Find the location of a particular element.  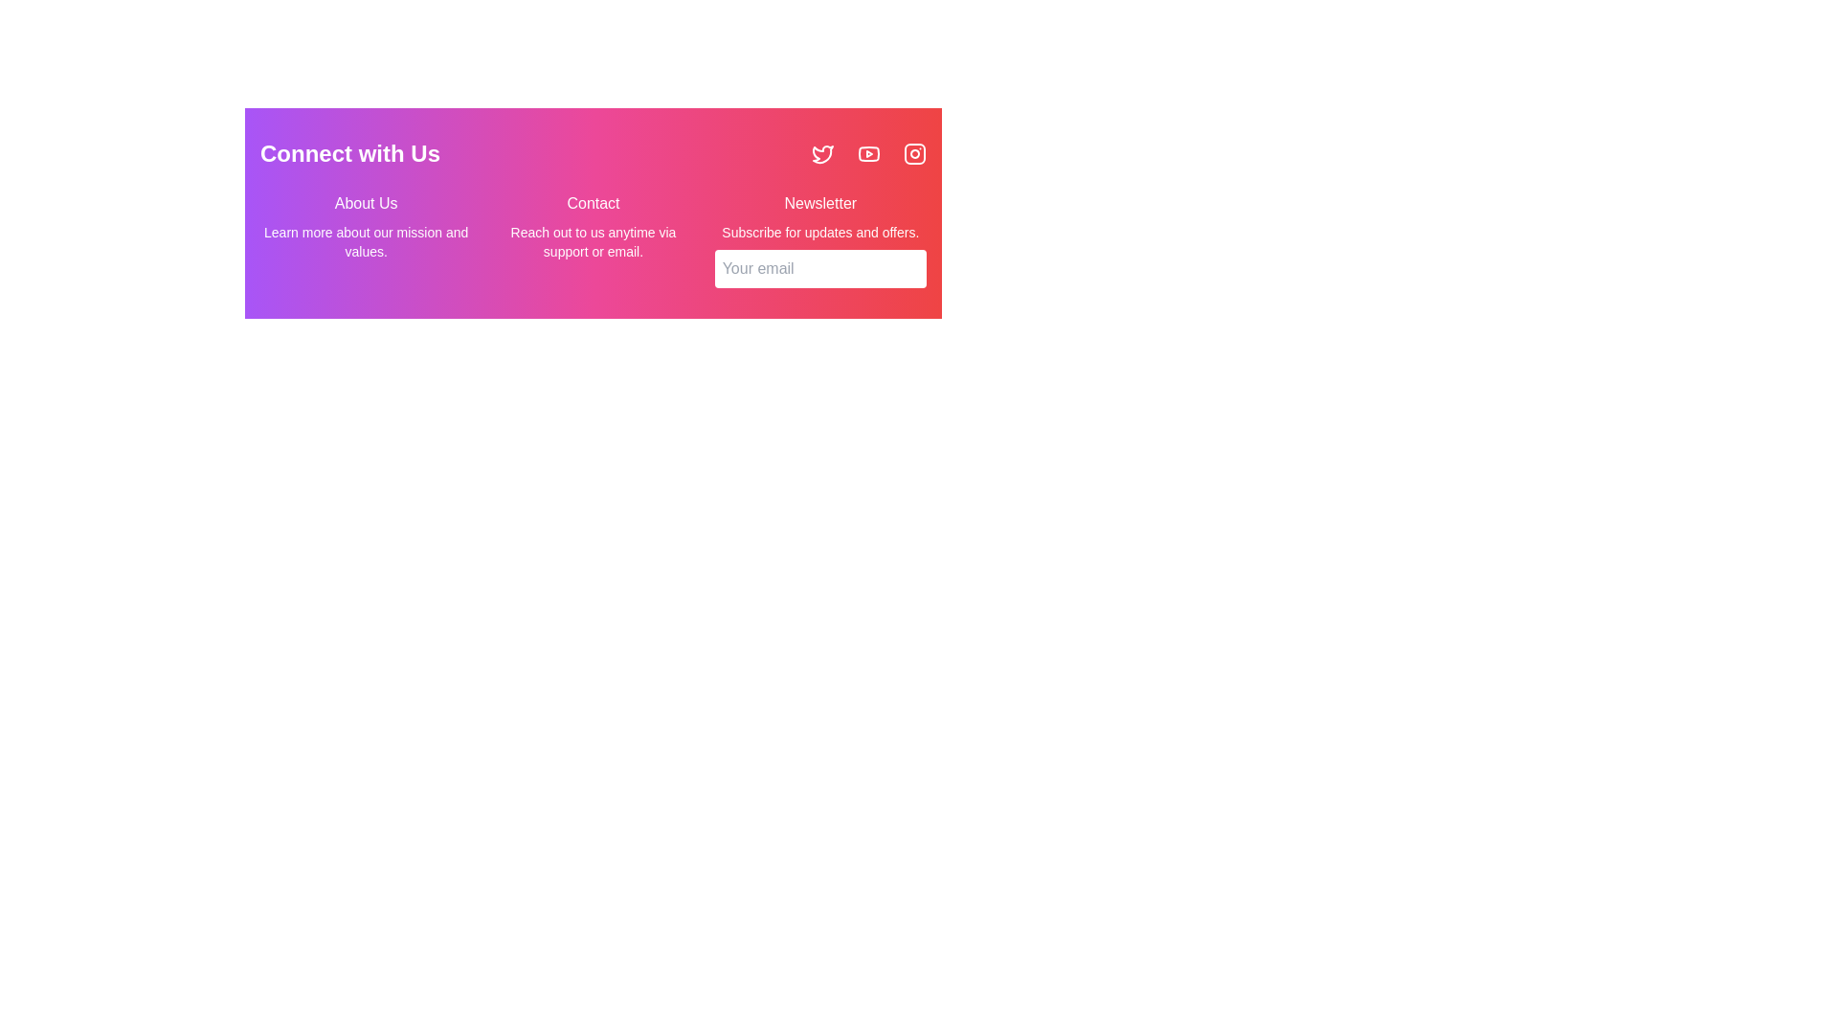

the central section of the Informational block titled 'Contact' is located at coordinates (592, 214).